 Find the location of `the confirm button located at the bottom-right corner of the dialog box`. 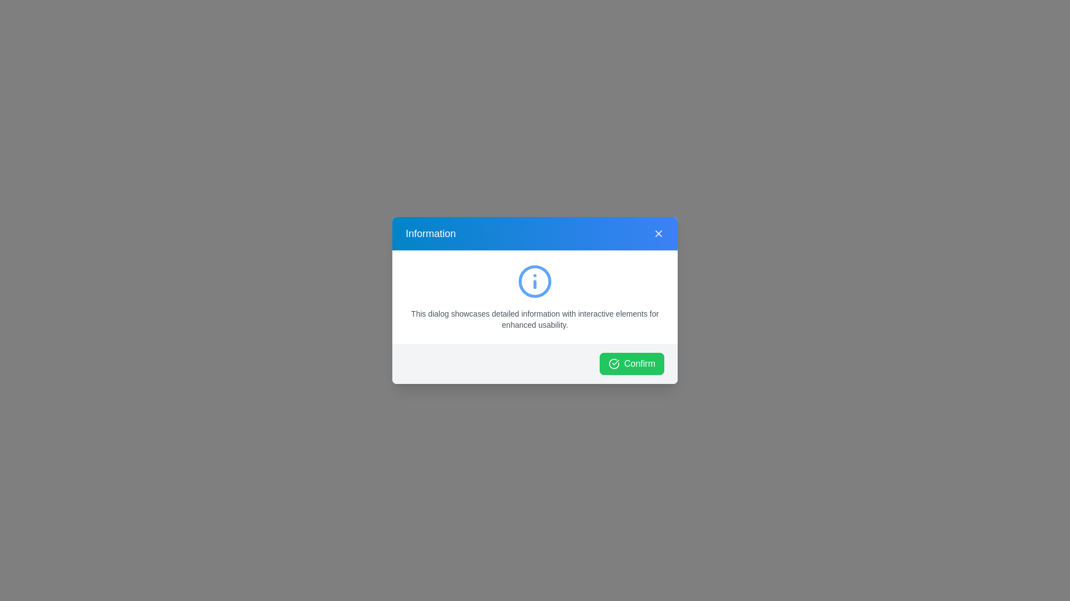

the confirm button located at the bottom-right corner of the dialog box is located at coordinates (631, 364).